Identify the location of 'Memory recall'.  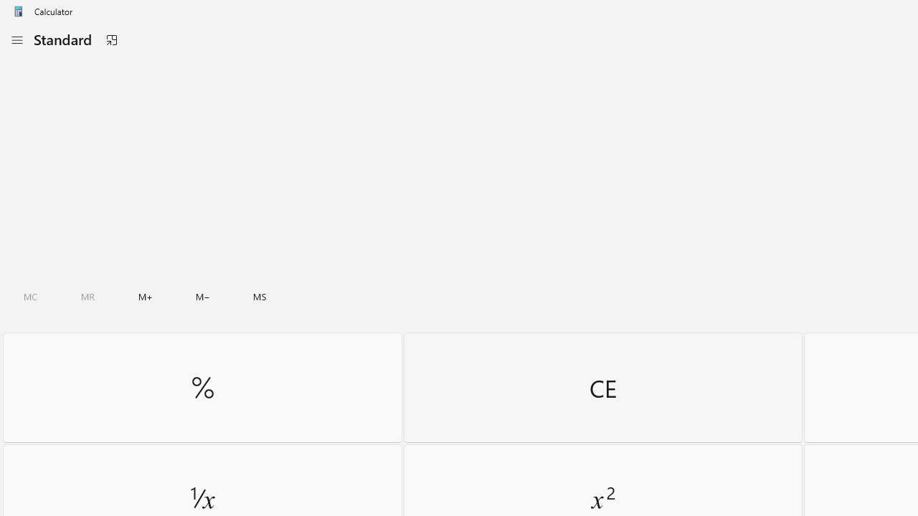
(87, 296).